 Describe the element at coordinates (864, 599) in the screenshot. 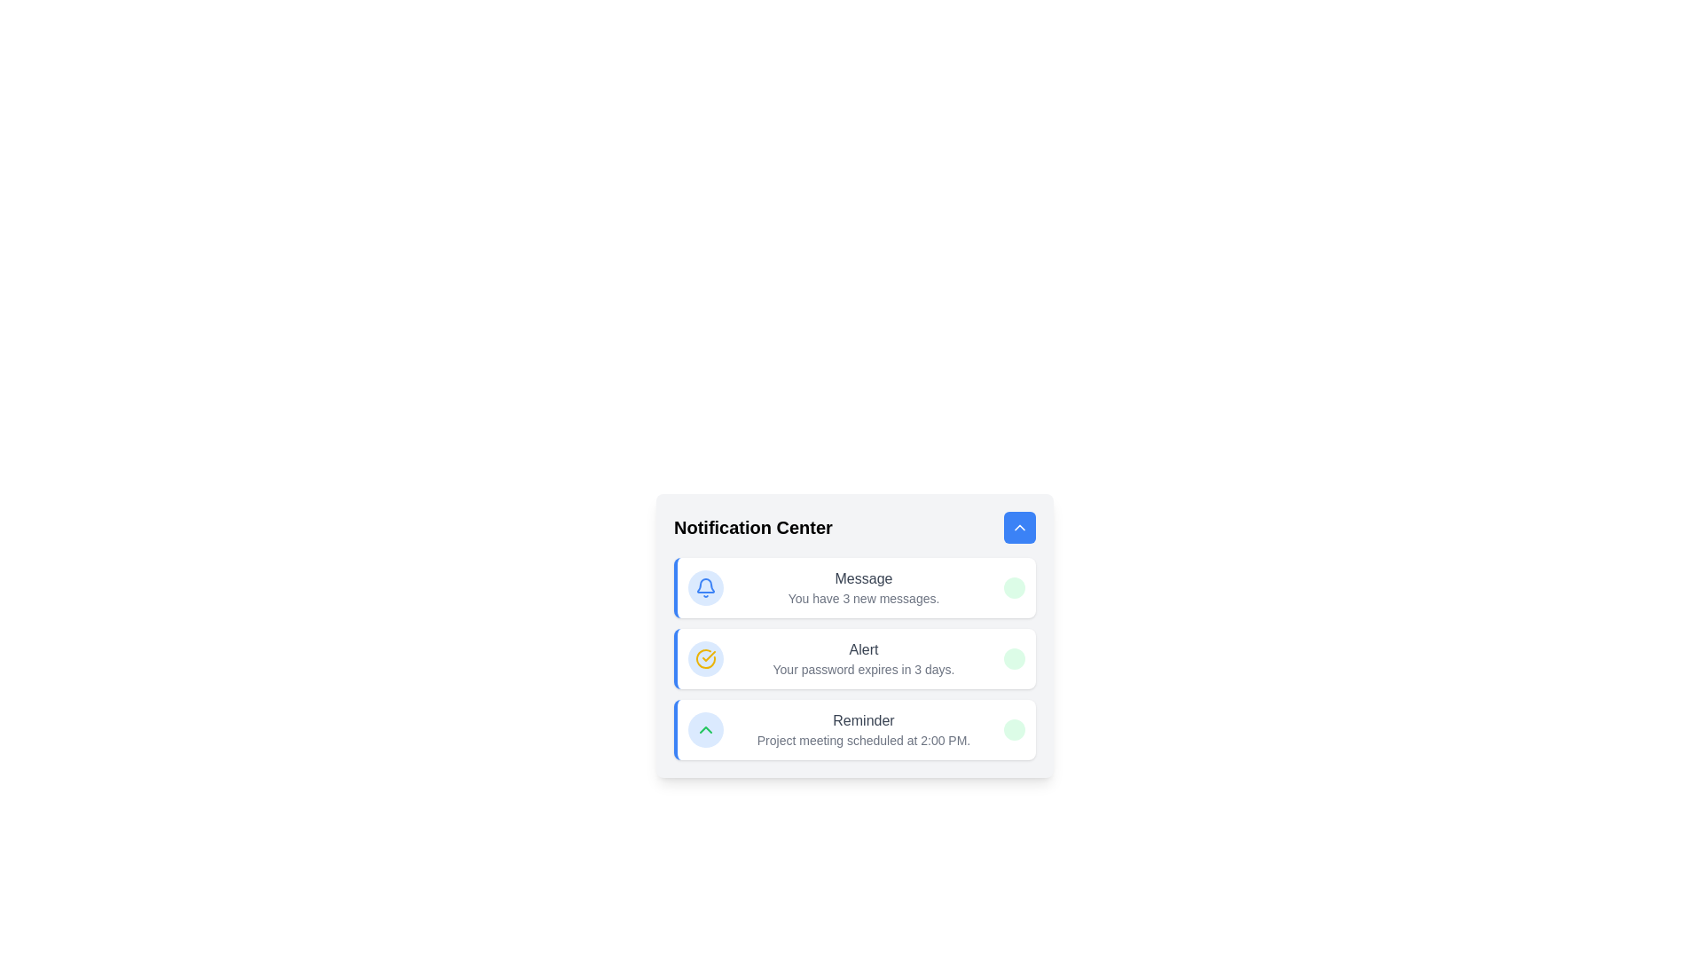

I see `the label that displays the count of new messages, positioned below the bold 'Message' label within the notification card` at that location.